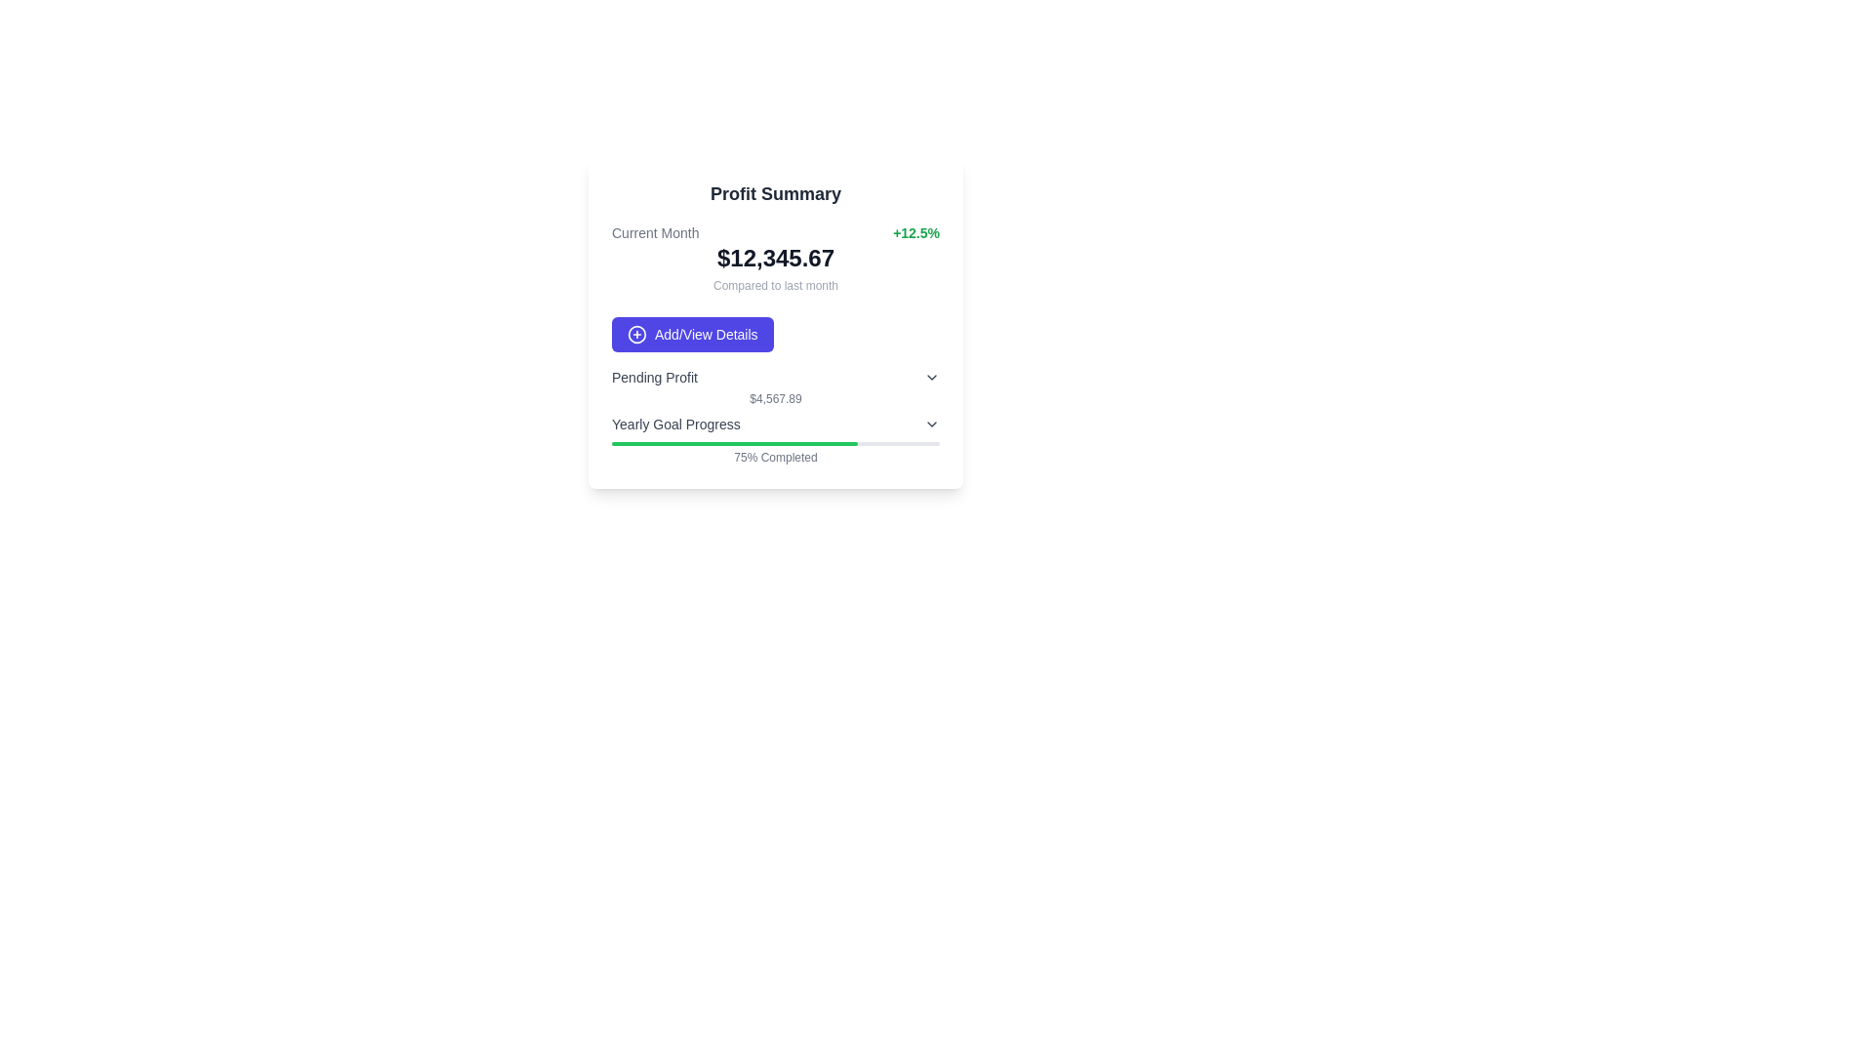  Describe the element at coordinates (775, 387) in the screenshot. I see `the dropdown in the Information display that shows pending profit information, located below the 'Add/View Details' button and above the 'Yearly Goal Progress' section in the 'Profit Summary' card` at that location.